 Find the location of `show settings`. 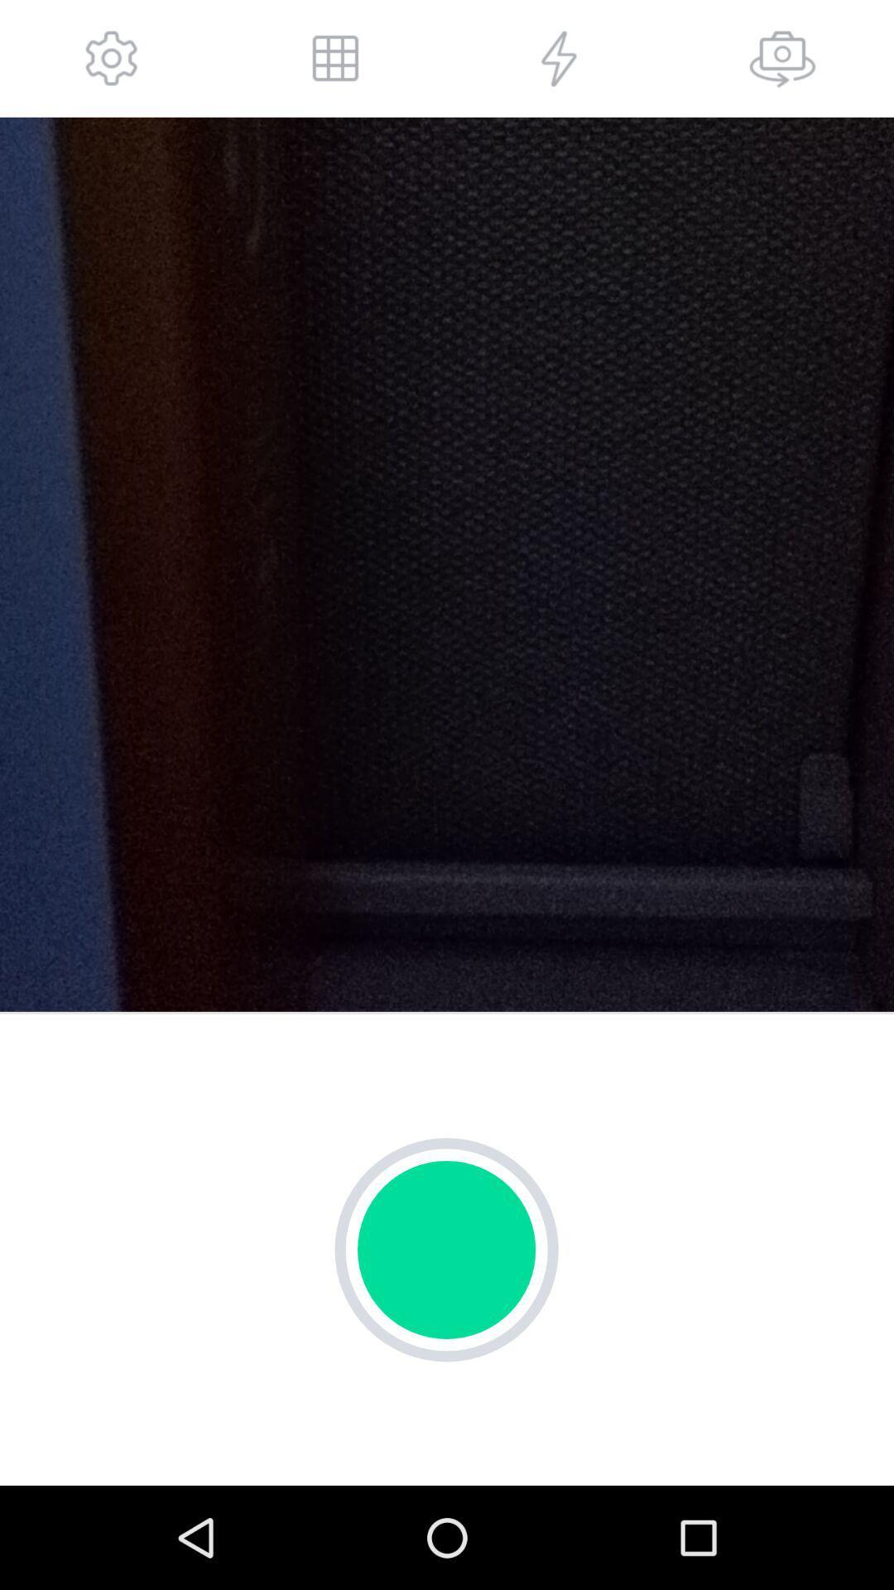

show settings is located at coordinates (112, 58).